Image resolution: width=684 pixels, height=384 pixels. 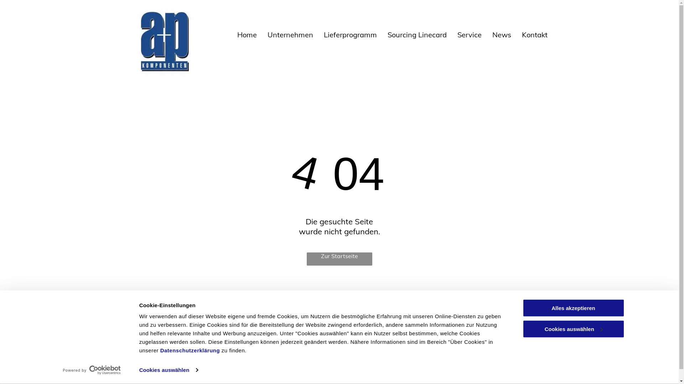 I want to click on 'Service', so click(x=464, y=34).